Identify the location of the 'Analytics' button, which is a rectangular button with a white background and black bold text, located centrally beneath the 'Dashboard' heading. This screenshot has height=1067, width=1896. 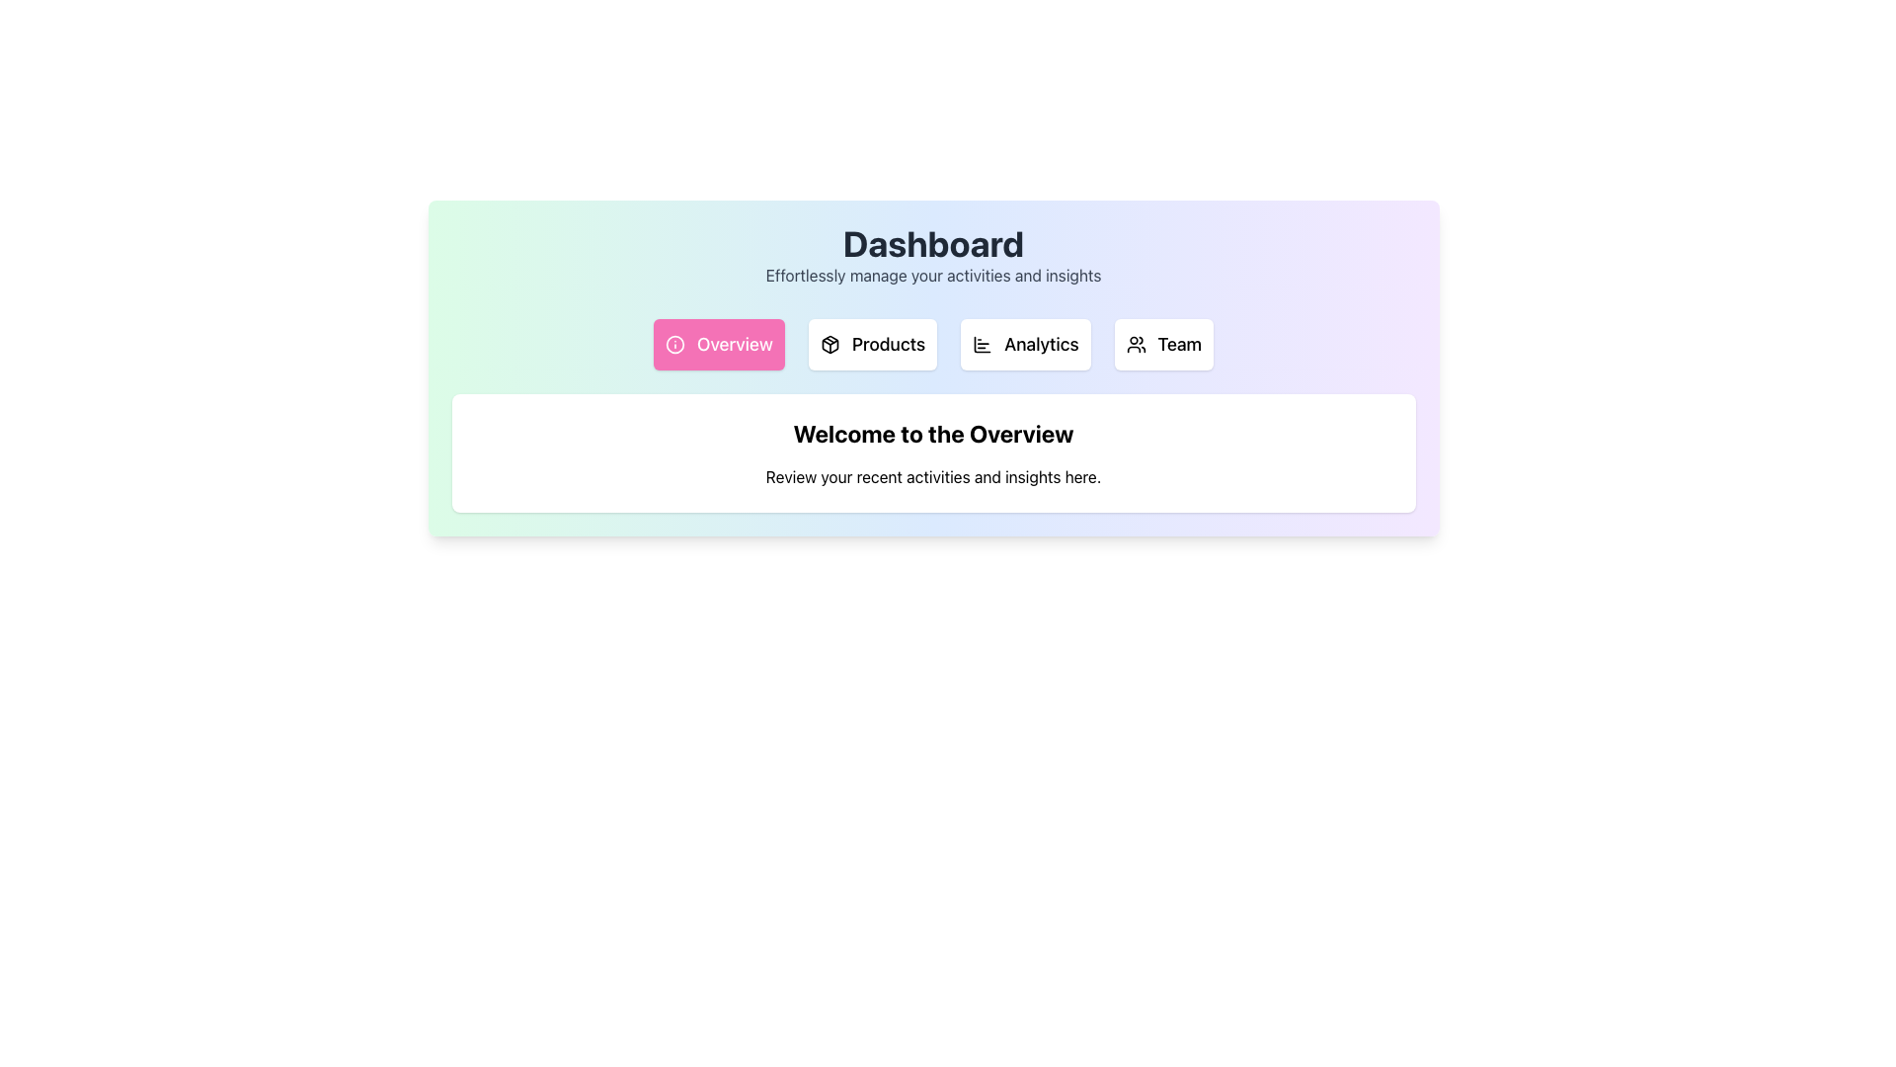
(1025, 343).